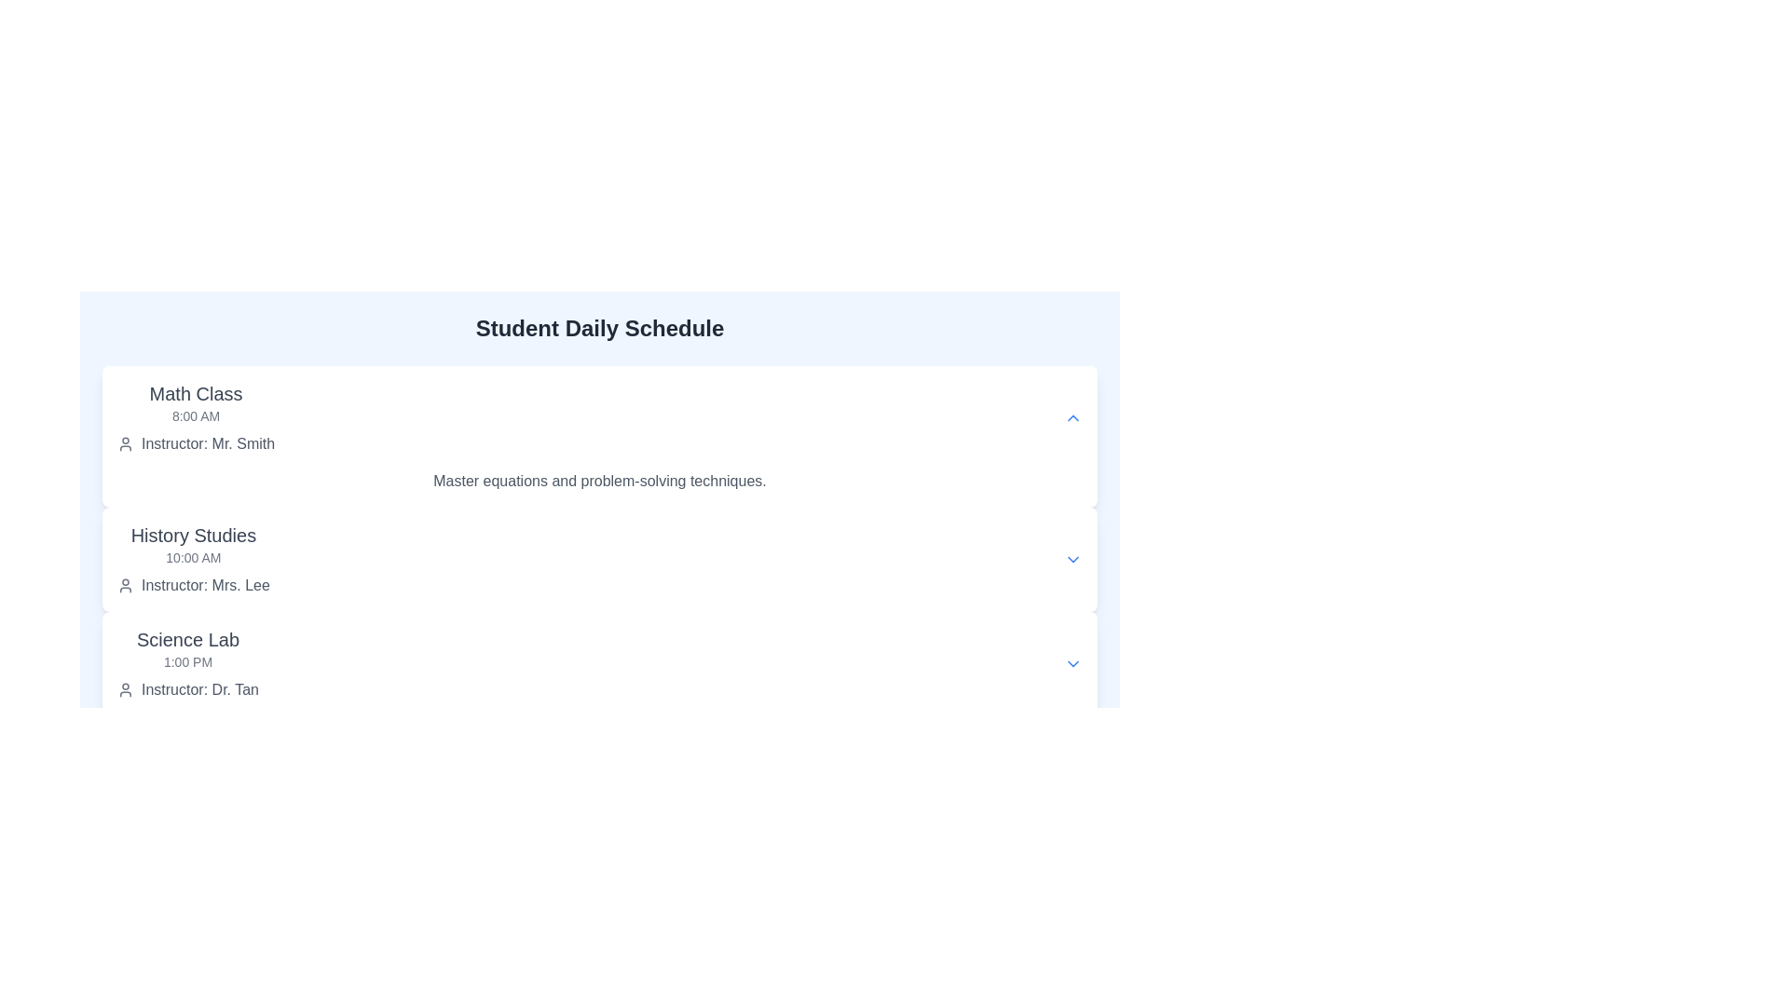 The height and width of the screenshot is (1006, 1789). What do you see at coordinates (1073, 416) in the screenshot?
I see `the collapse button of the 'Math Class' section` at bounding box center [1073, 416].